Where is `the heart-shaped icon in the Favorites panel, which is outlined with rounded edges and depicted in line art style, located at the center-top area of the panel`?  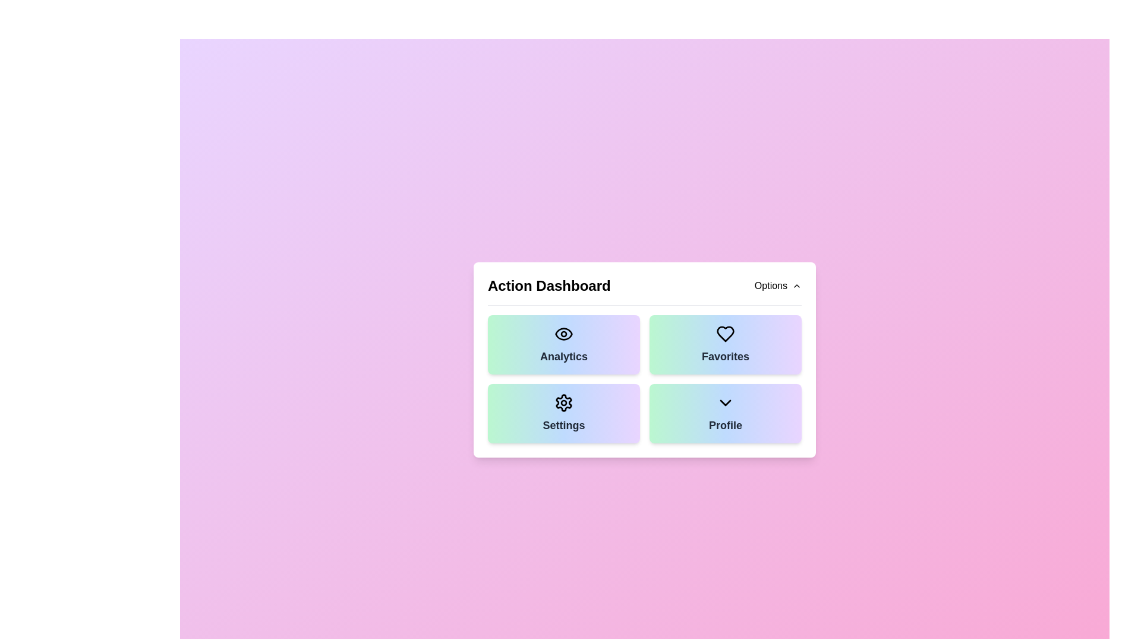 the heart-shaped icon in the Favorites panel, which is outlined with rounded edges and depicted in line art style, located at the center-top area of the panel is located at coordinates (724, 334).